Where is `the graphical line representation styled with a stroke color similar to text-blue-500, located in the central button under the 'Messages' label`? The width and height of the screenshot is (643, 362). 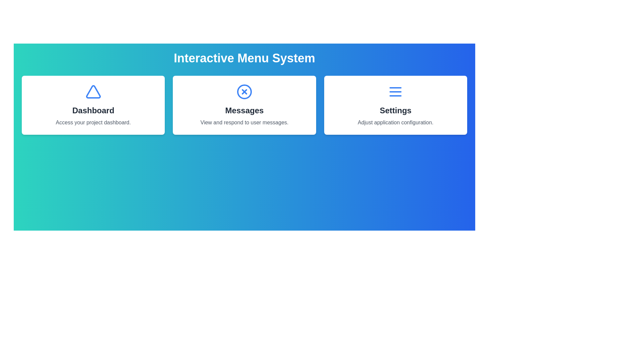 the graphical line representation styled with a stroke color similar to text-blue-500, located in the central button under the 'Messages' label is located at coordinates (244, 92).